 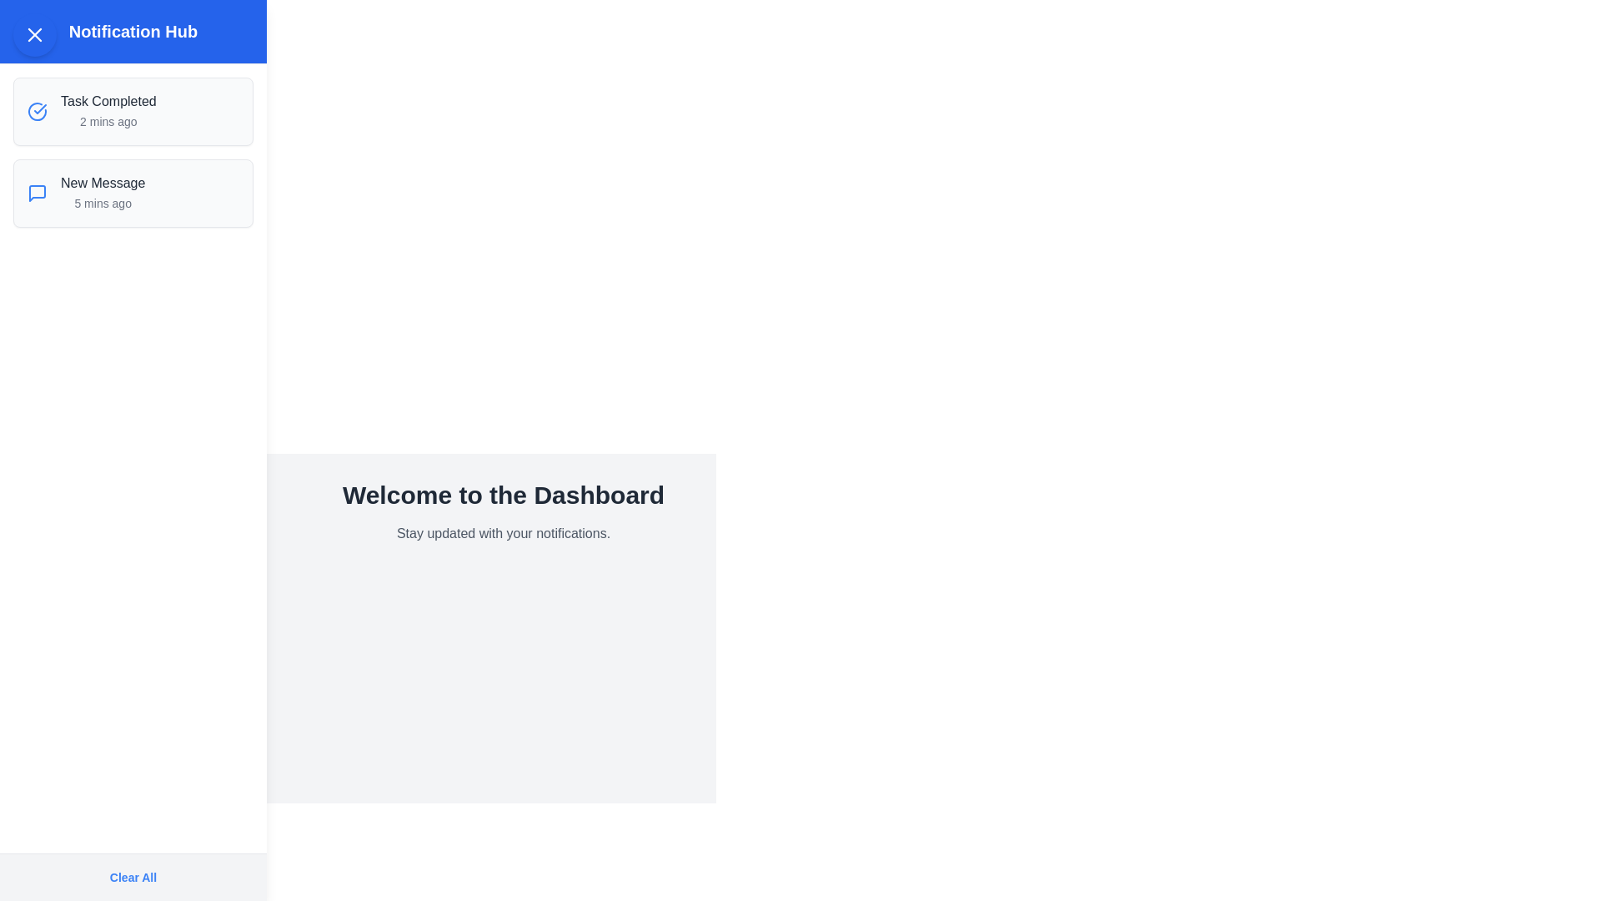 What do you see at coordinates (108, 121) in the screenshot?
I see `the Text label that indicates the timestamp of the associated notification, located beneath 'Task Completed' in the first notification item on the sidebar menu` at bounding box center [108, 121].